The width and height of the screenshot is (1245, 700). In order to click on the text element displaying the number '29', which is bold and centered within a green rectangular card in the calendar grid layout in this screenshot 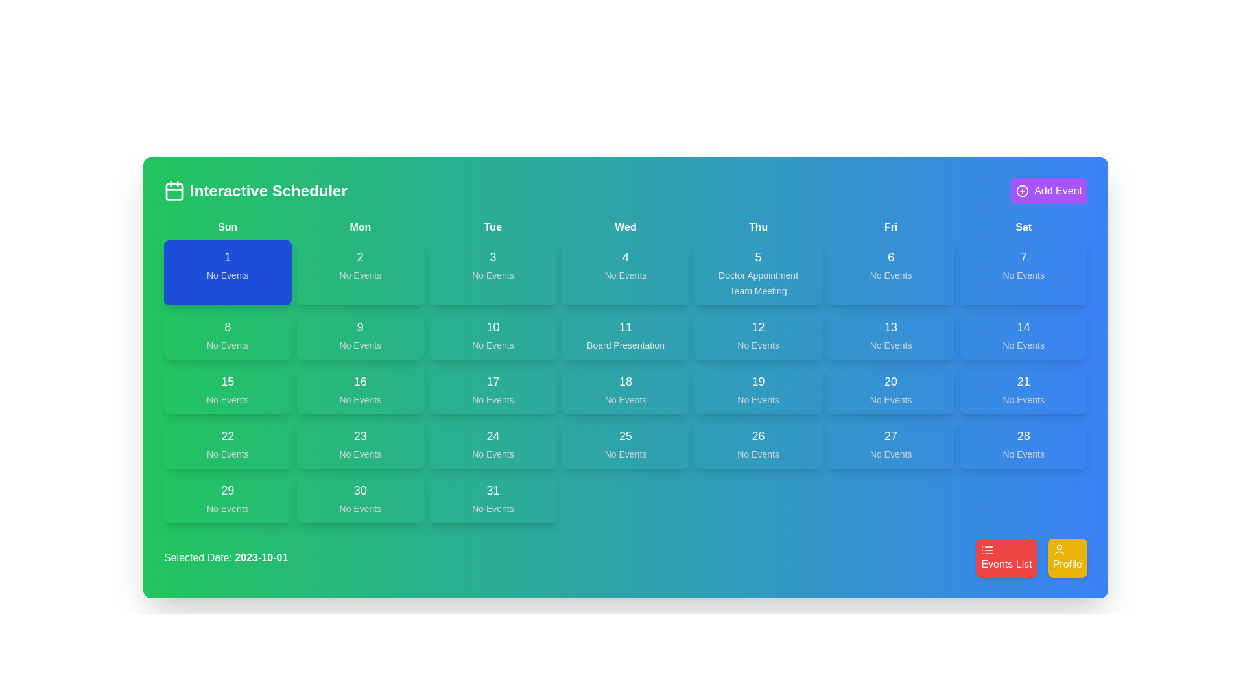, I will do `click(228, 490)`.